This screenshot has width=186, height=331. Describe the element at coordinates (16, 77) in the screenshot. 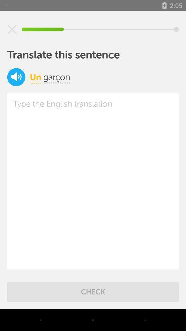

I see `pronounce the phrase` at that location.